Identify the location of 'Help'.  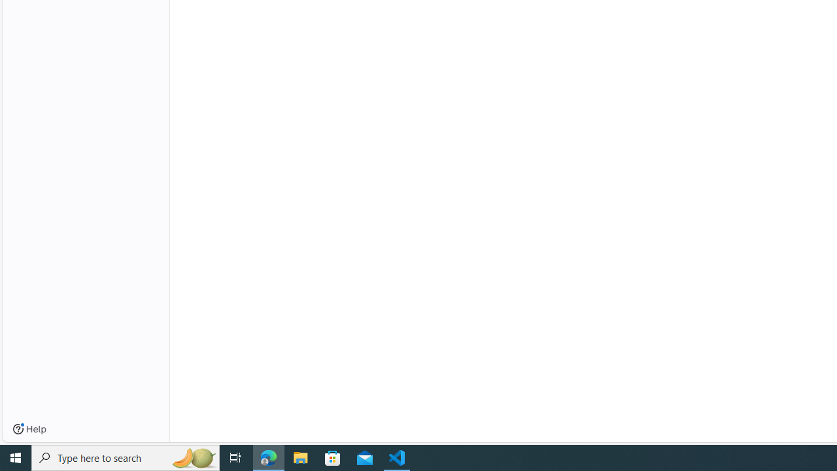
(29, 428).